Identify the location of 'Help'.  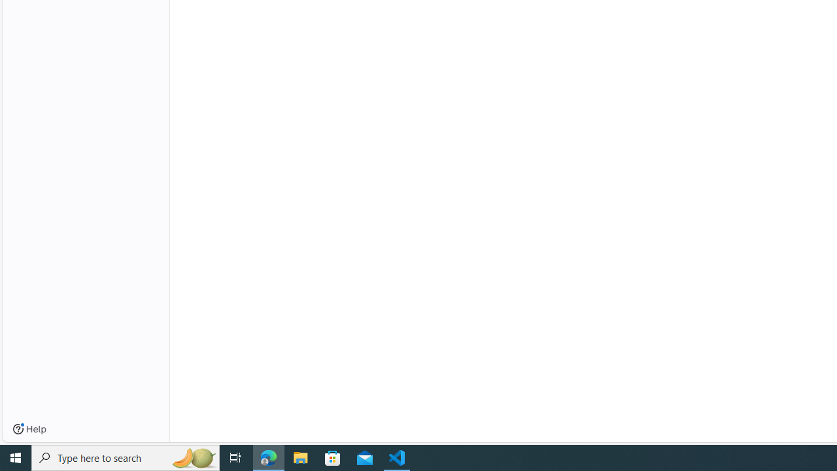
(29, 428).